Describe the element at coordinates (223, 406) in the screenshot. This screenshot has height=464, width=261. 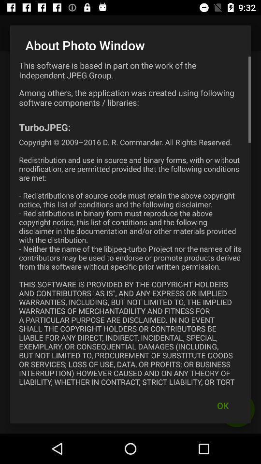
I see `the ok icon` at that location.